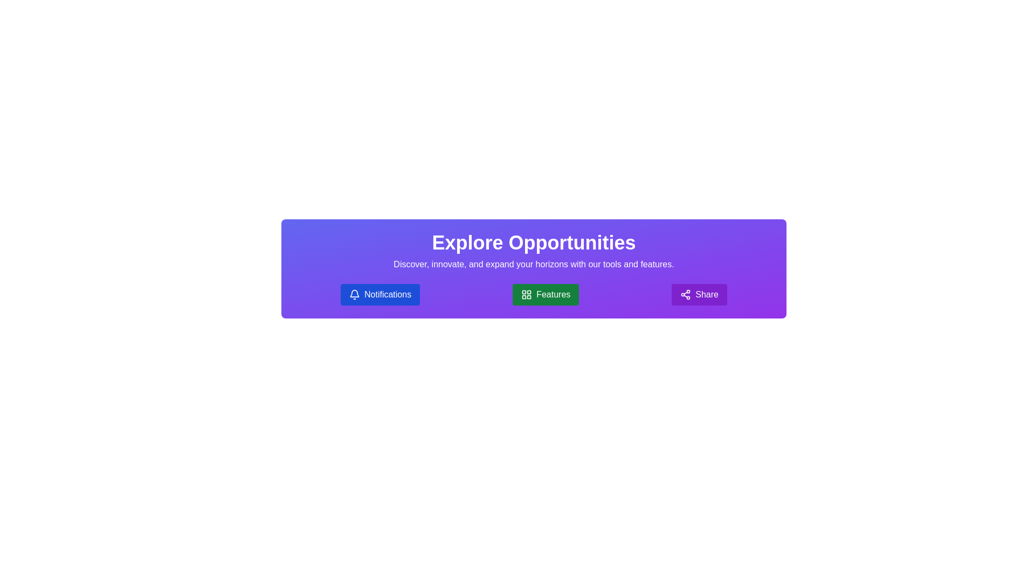 This screenshot has width=1035, height=582. Describe the element at coordinates (534, 243) in the screenshot. I see `the Text header located at the top-center of the highlighted section, which serves as a prominent title above a smaller explanatory paragraph` at that location.